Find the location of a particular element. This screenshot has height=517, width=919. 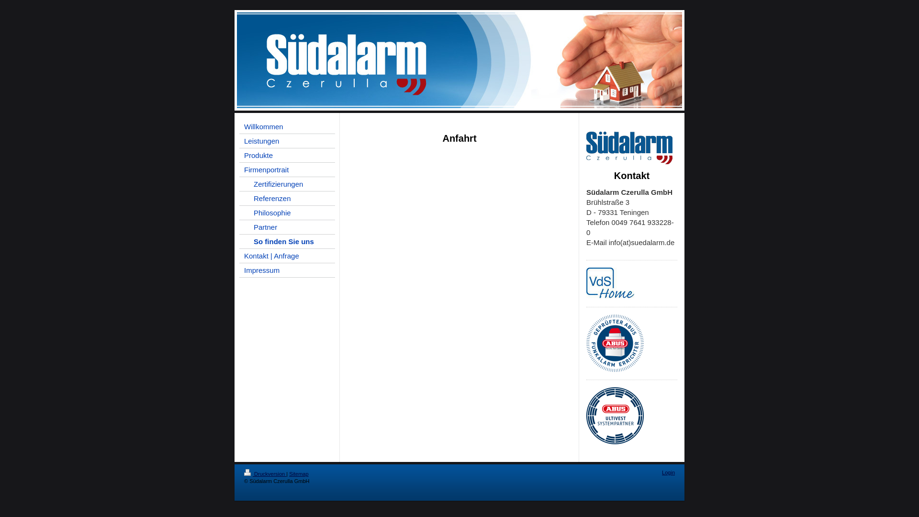

'Produkte' is located at coordinates (287, 155).